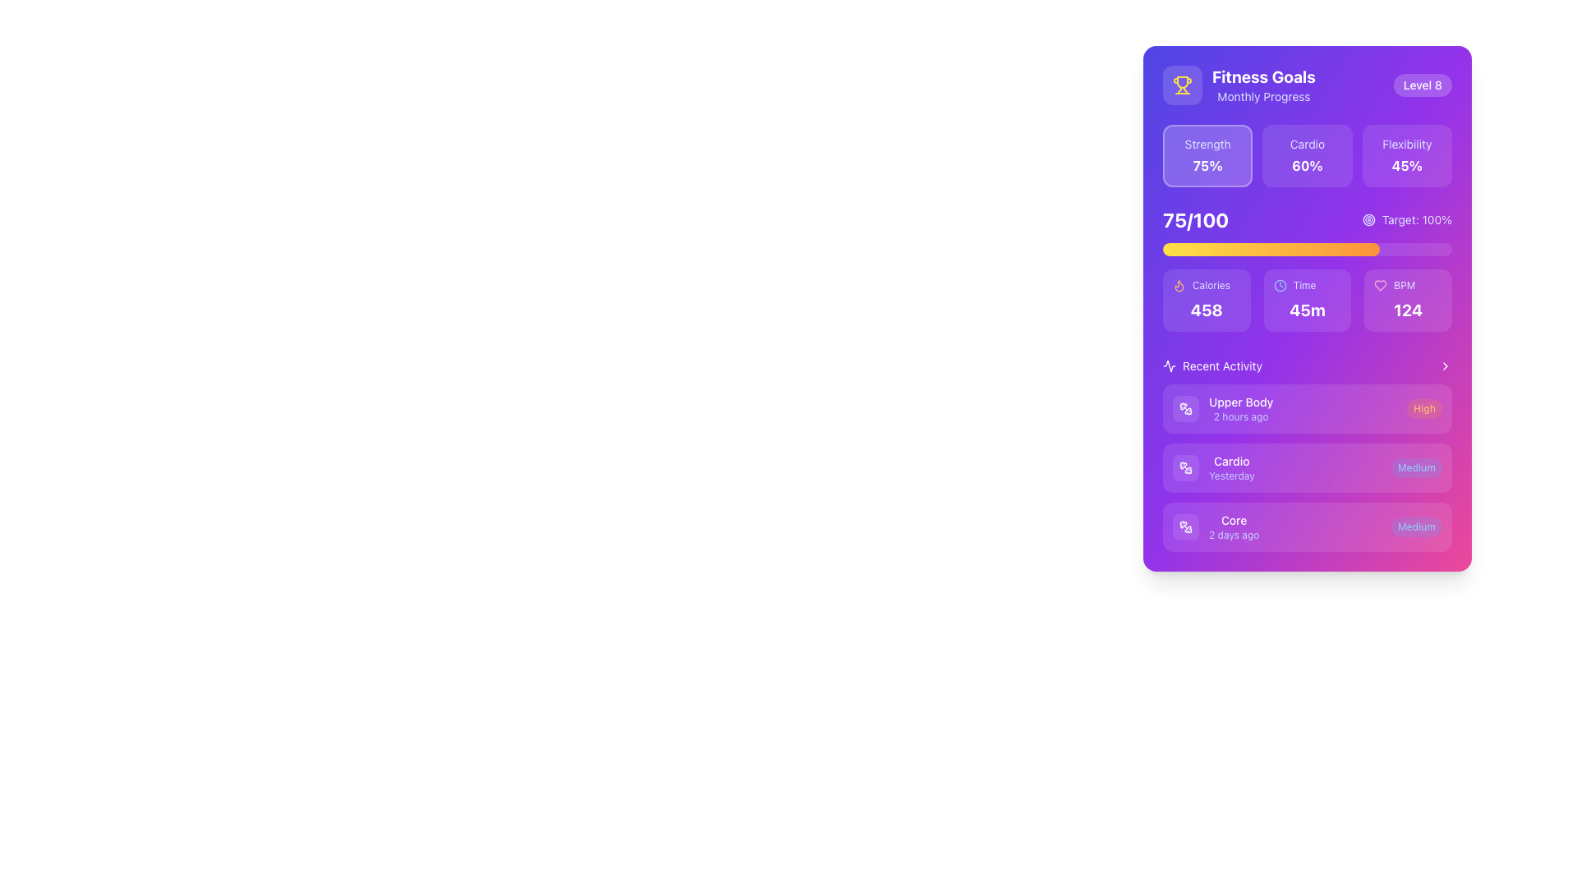  I want to click on the 'Flexibility' performance metric card located in the 'Fitness Goals' section to view additional details, so click(1406, 155).